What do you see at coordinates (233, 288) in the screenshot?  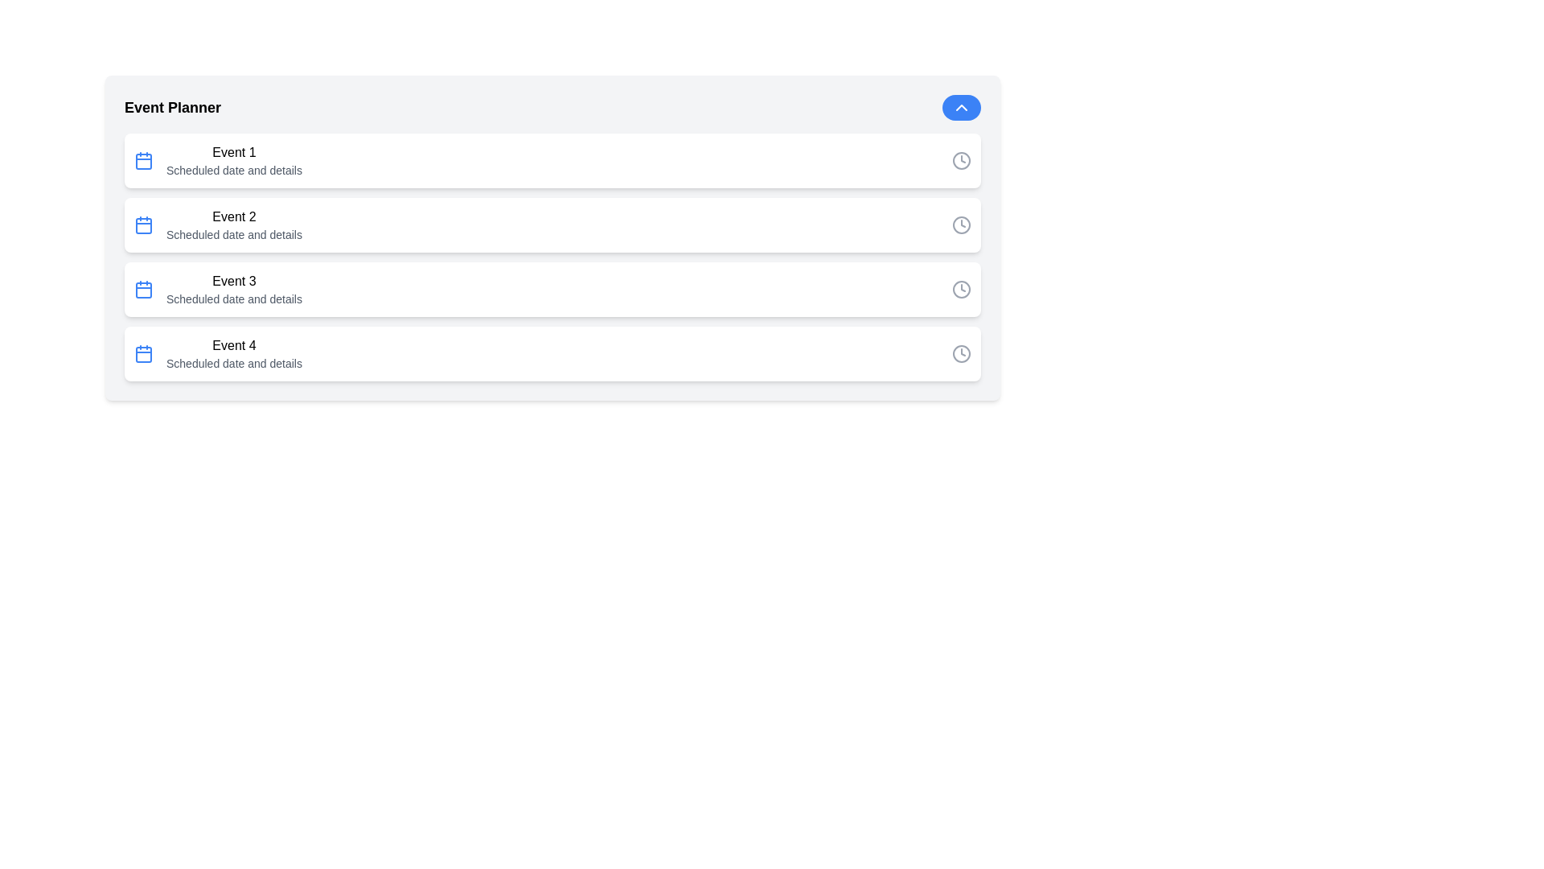 I see `the 'Event 3' text display element, which shows 'Event 3' in bold and 'Scheduled date and details' in a smaller font, located inside the third event card` at bounding box center [233, 288].